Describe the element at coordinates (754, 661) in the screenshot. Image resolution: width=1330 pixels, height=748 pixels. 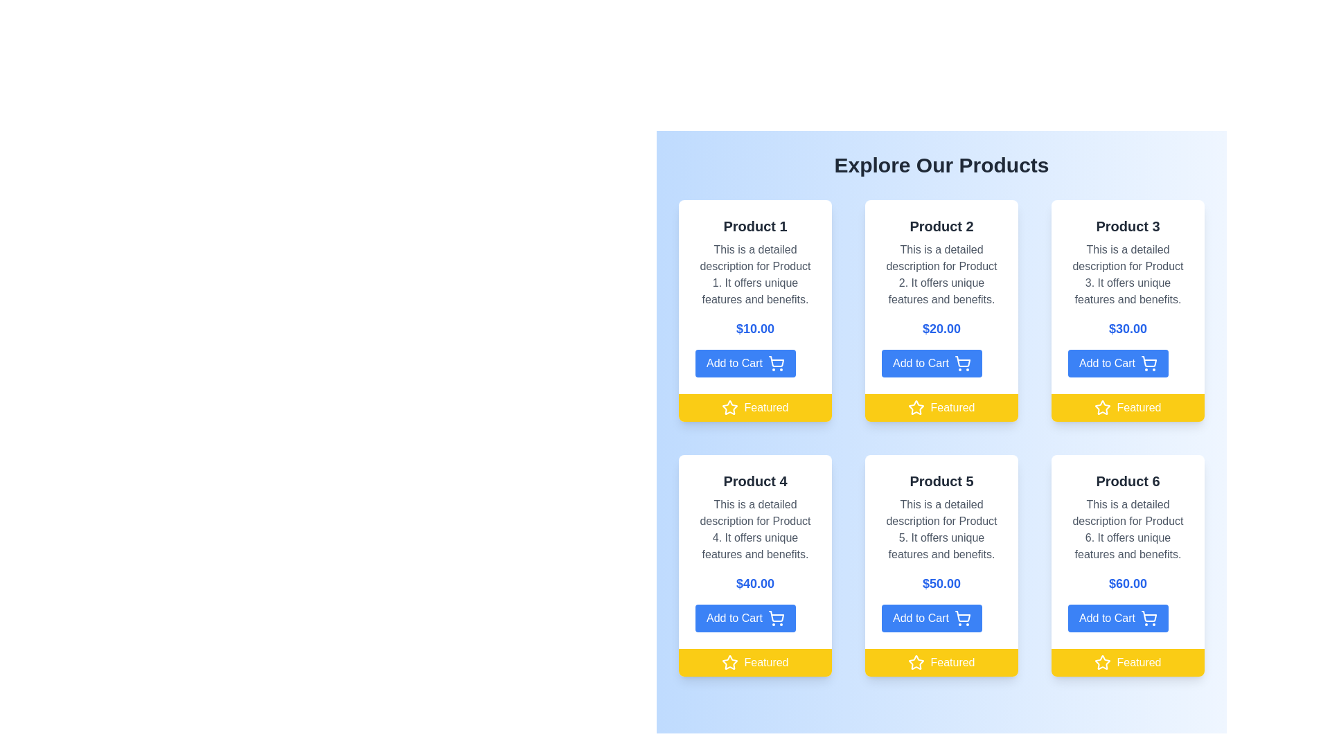
I see `the 'Featured' label with a vibrant yellow background and a white star icon, located beneath the 'Add to Cart' button in the product card for 'Product 4'` at that location.